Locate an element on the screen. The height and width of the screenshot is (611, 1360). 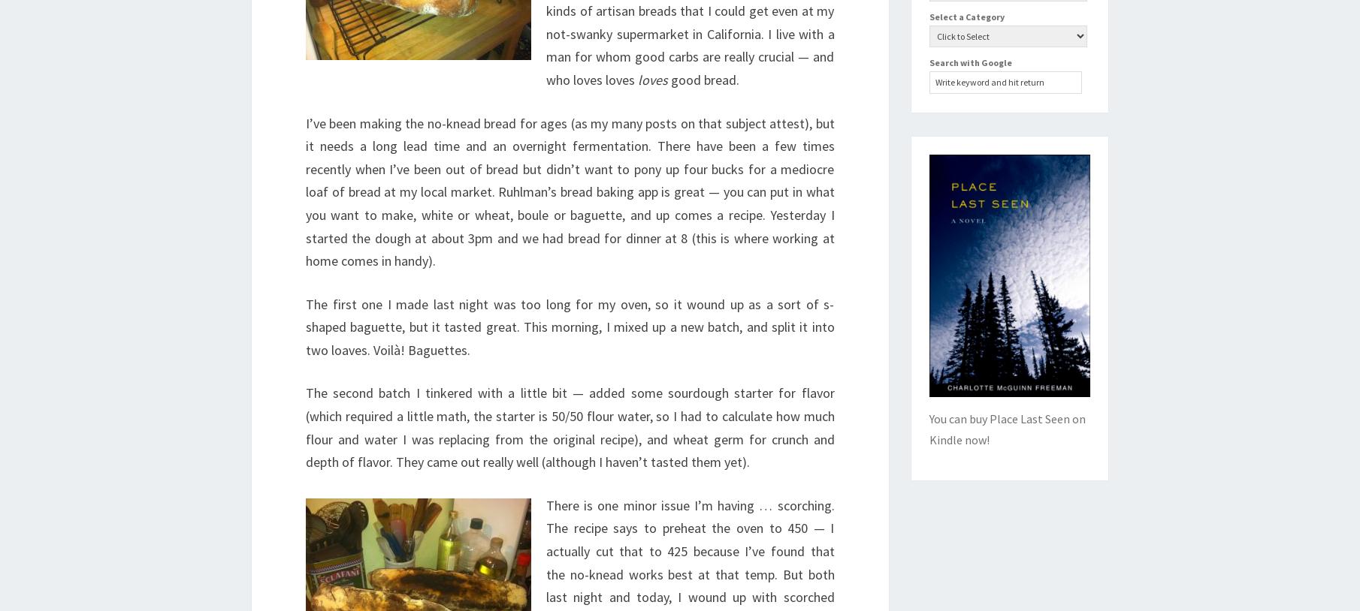
'on Kindle now!' is located at coordinates (928, 428).